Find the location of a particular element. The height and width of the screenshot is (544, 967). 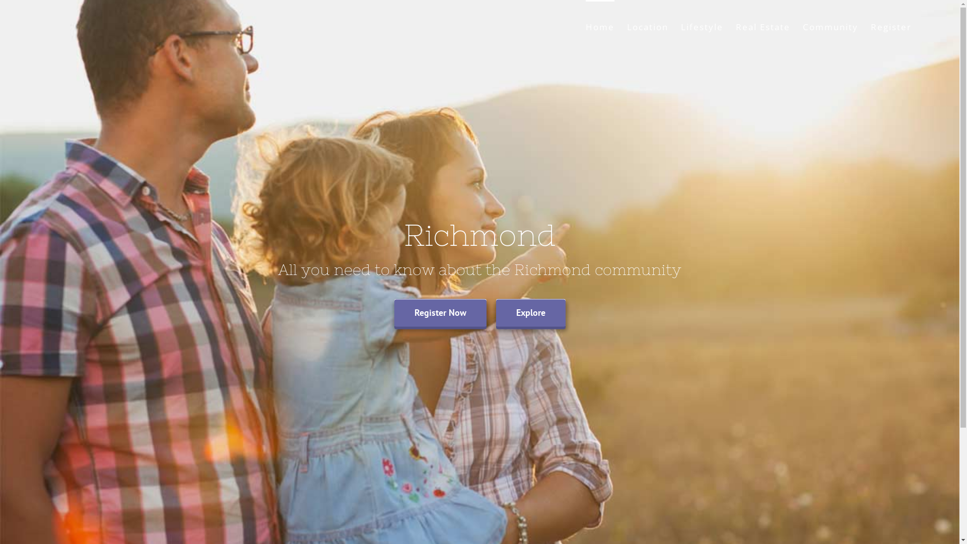

'Explore' is located at coordinates (529, 312).